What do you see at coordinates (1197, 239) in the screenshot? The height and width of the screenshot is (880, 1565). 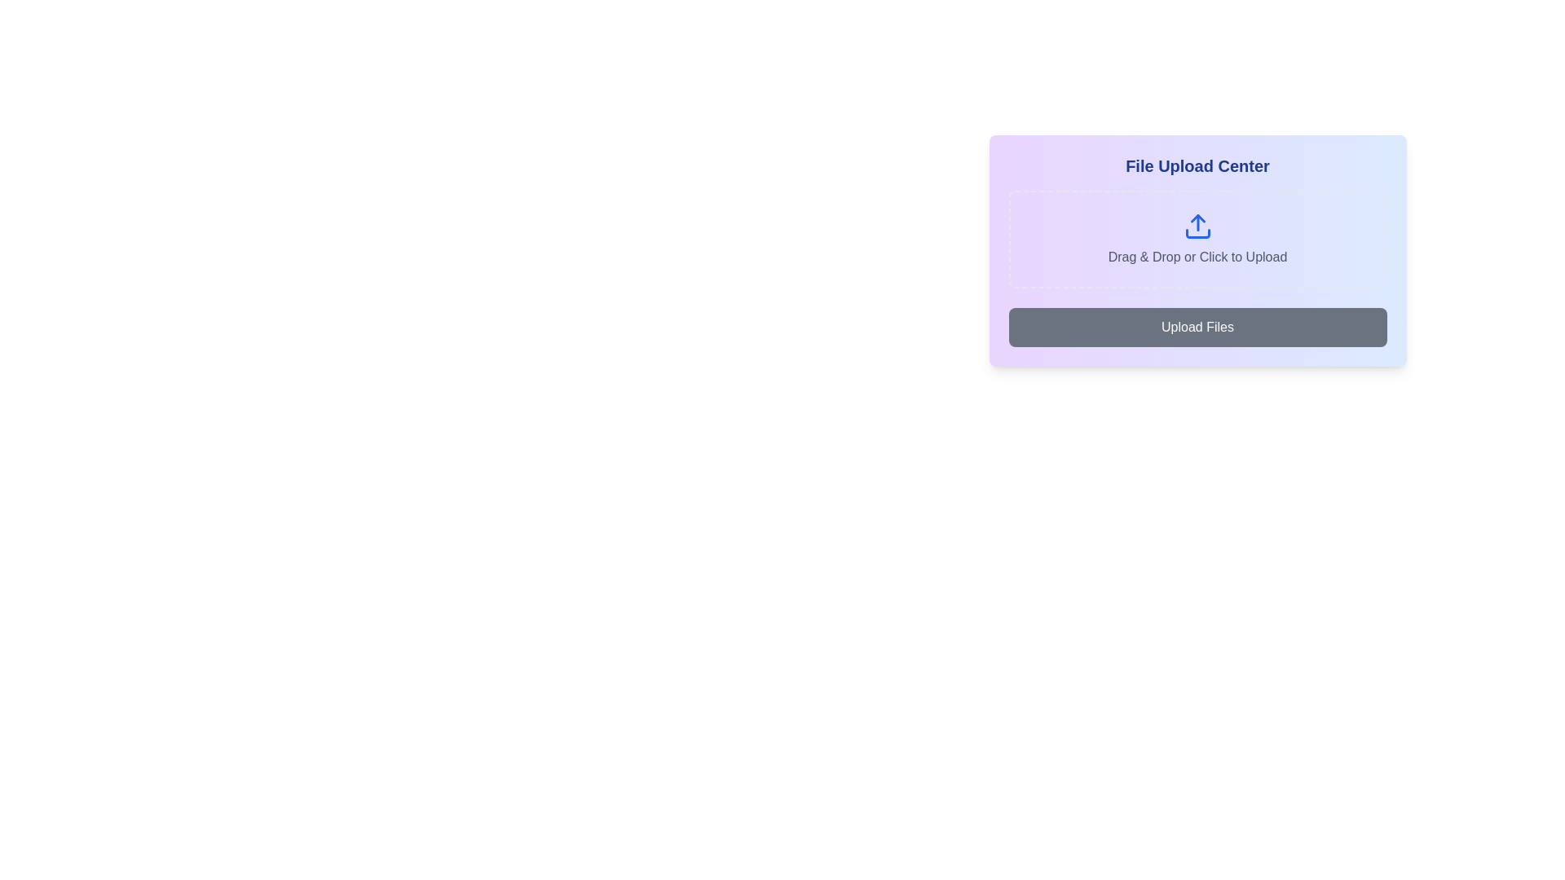 I see `the File upload area, which has a light purple background, dashed borders, and features a blue upward arrow icon with gray text that reads 'Drag & Drop or Click to Upload'` at bounding box center [1197, 239].